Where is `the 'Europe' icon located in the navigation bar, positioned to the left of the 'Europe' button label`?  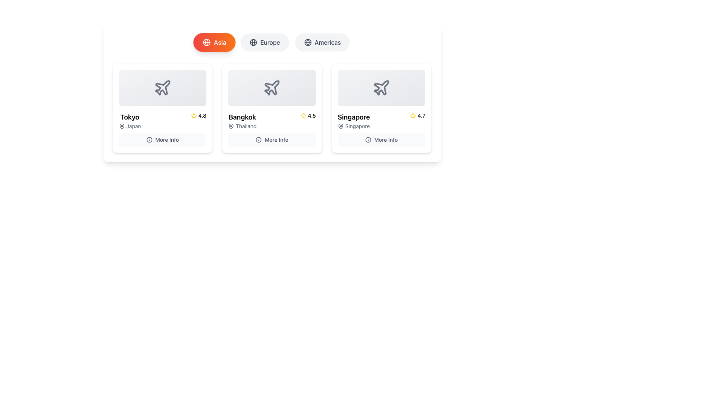
the 'Europe' icon located in the navigation bar, positioned to the left of the 'Europe' button label is located at coordinates (253, 42).